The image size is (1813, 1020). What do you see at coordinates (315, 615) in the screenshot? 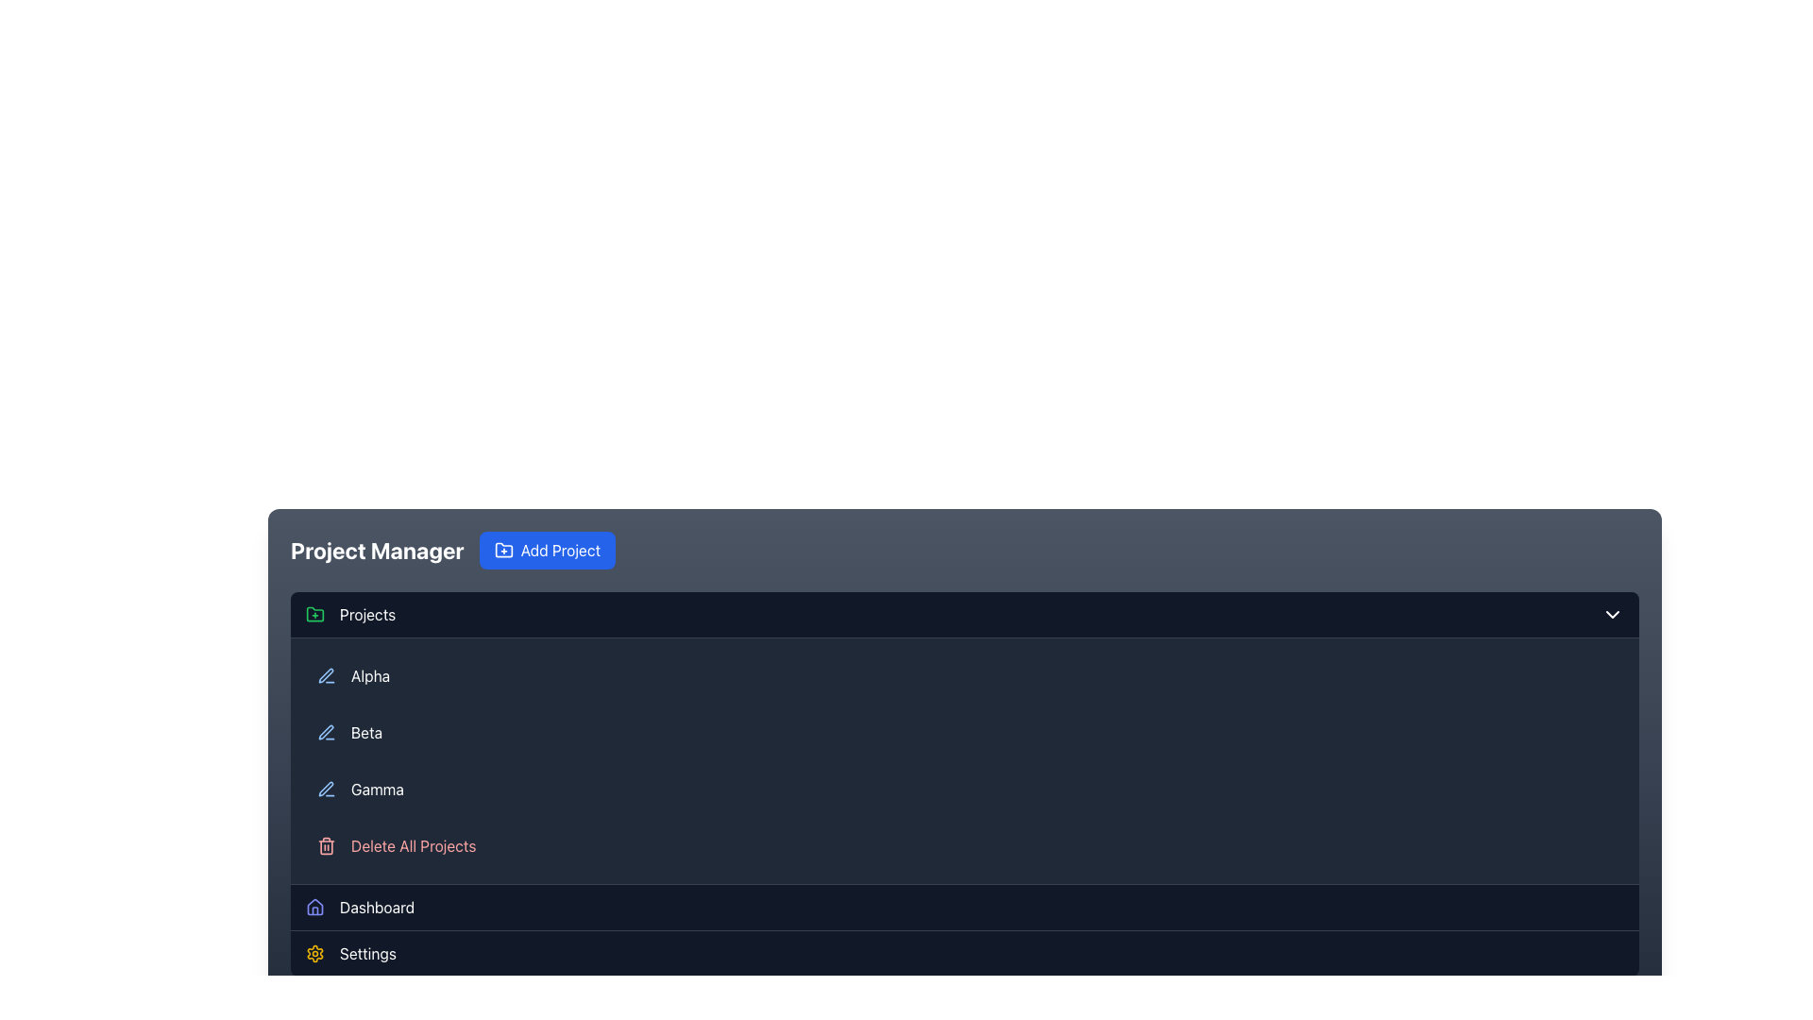
I see `the 'Folder with Plus' icon in the 'Projects' section` at bounding box center [315, 615].